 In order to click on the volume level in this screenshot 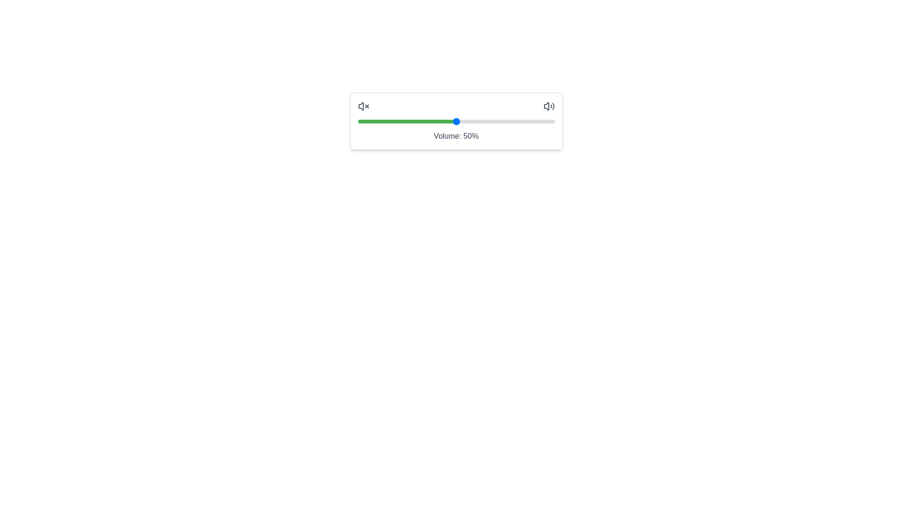, I will do `click(543, 121)`.